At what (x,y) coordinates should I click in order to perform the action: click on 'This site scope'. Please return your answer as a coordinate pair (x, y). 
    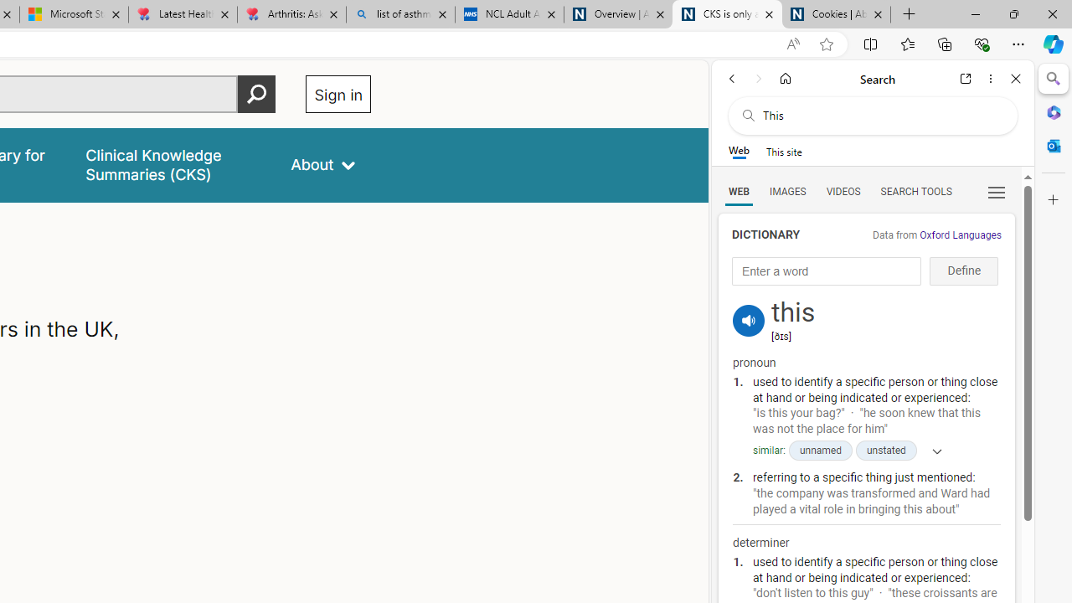
    Looking at the image, I should click on (783, 151).